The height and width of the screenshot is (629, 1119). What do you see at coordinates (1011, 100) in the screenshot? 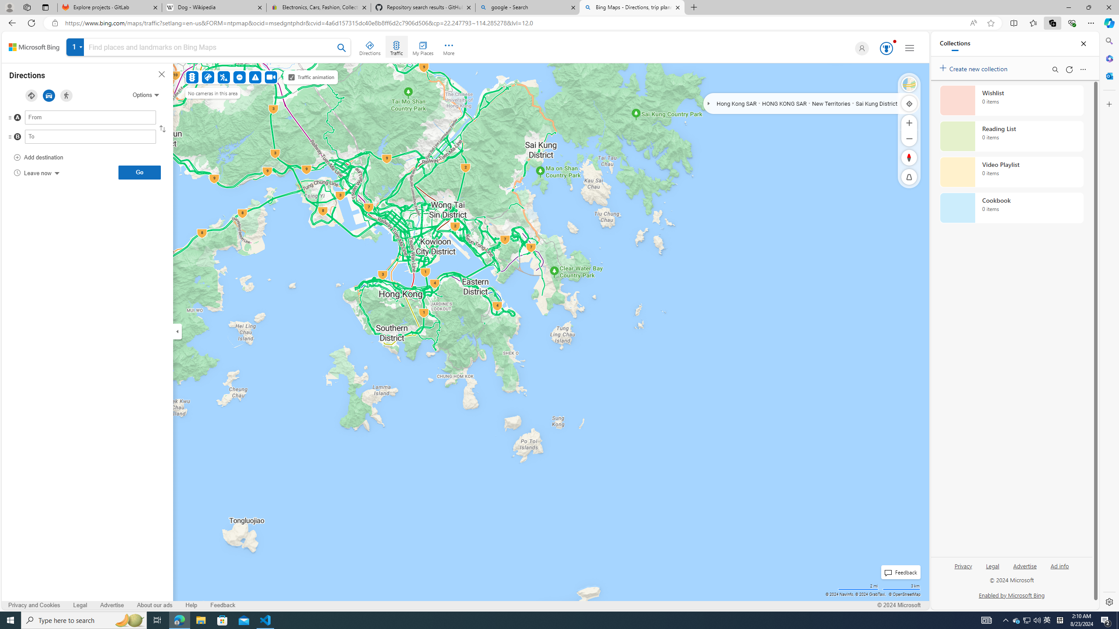
I see `'Wishlist collection, 0 items'` at bounding box center [1011, 100].